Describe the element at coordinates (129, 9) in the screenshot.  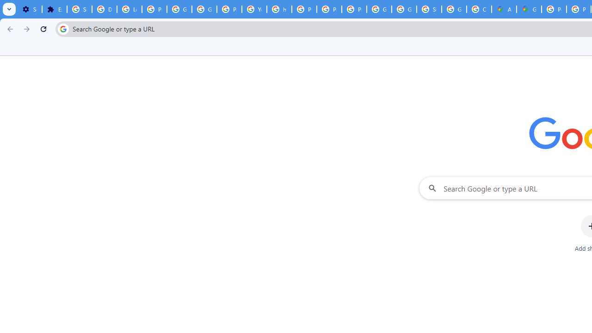
I see `'Learn how to find your photos - Google Photos Help'` at that location.